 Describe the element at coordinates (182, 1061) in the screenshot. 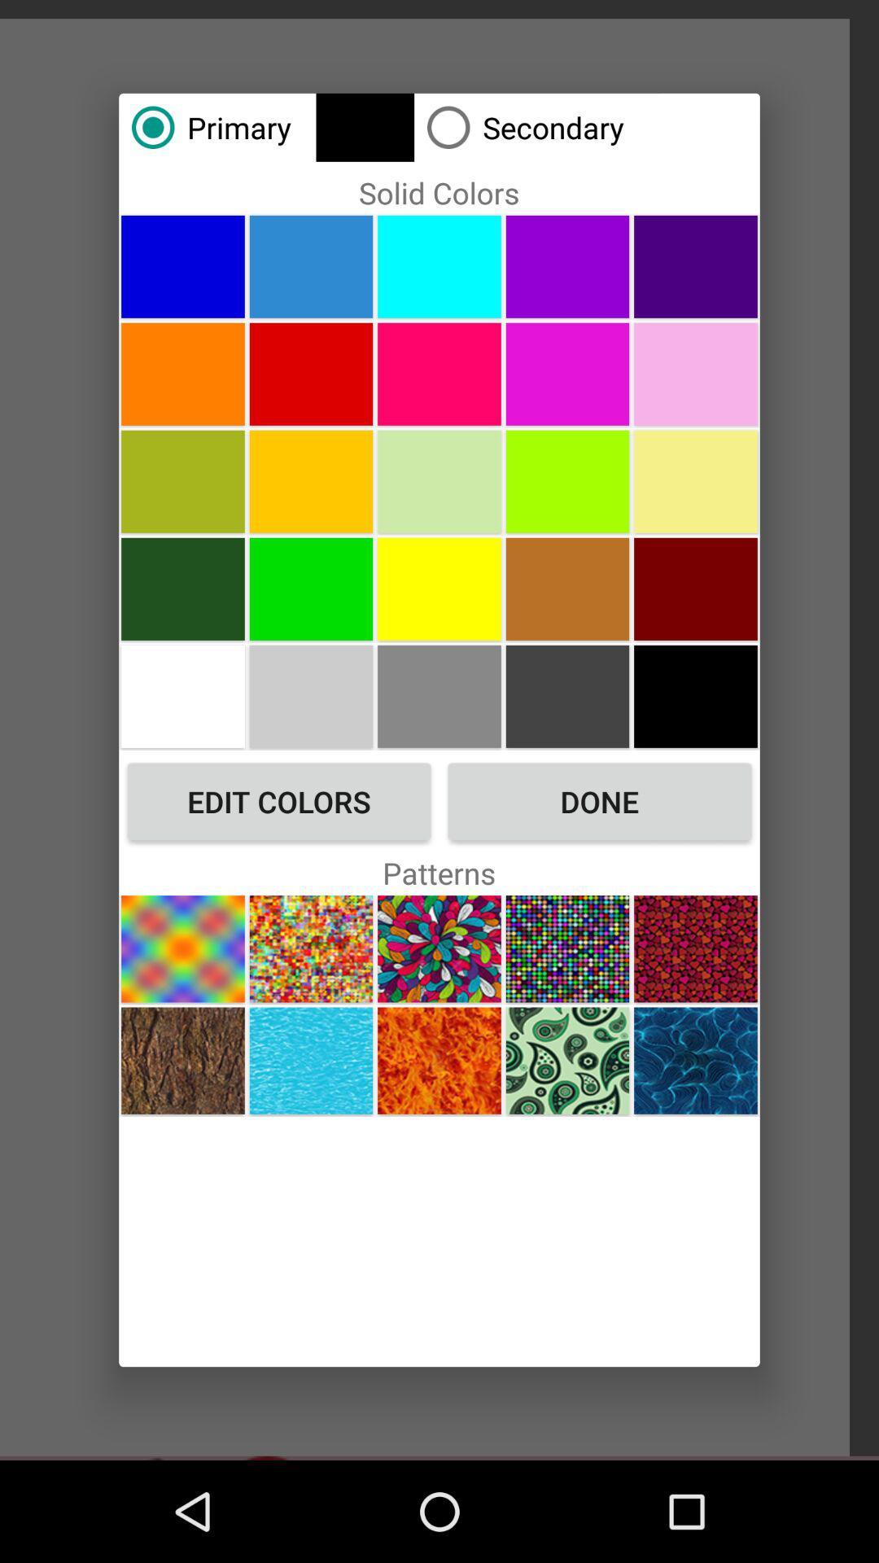

I see `button at the bottom left corner` at that location.